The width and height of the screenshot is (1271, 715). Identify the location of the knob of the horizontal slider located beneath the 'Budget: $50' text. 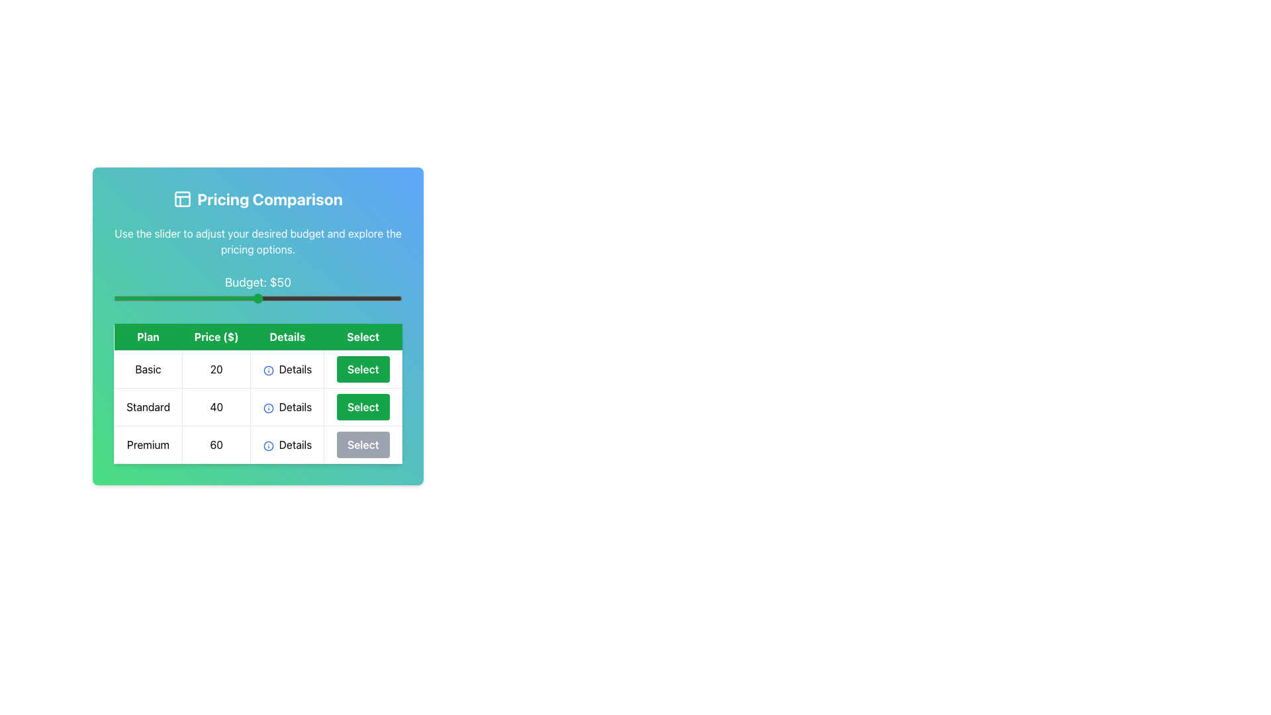
(258, 299).